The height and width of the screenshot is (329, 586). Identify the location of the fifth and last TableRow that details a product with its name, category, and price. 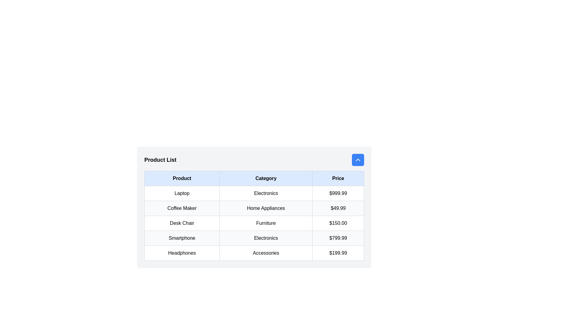
(254, 253).